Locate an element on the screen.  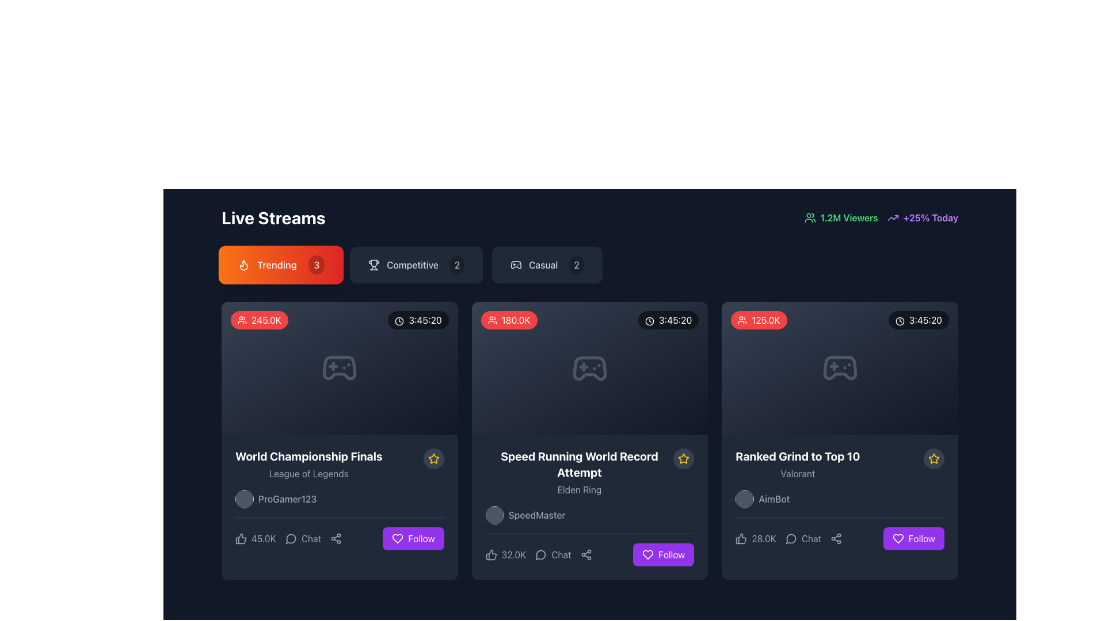
the heart-shaped icon located at the bottom-right corner of the third card from the left is located at coordinates (897, 539).